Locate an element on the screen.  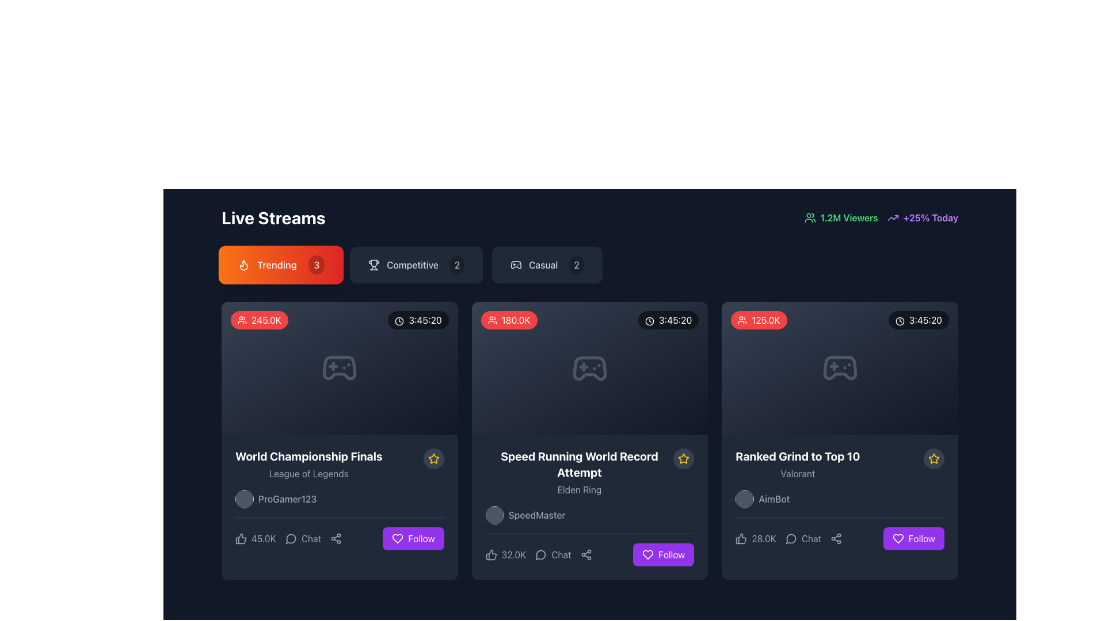
the heart-shaped icon located at the bottom-right corner of the third card from the left is located at coordinates (897, 539).